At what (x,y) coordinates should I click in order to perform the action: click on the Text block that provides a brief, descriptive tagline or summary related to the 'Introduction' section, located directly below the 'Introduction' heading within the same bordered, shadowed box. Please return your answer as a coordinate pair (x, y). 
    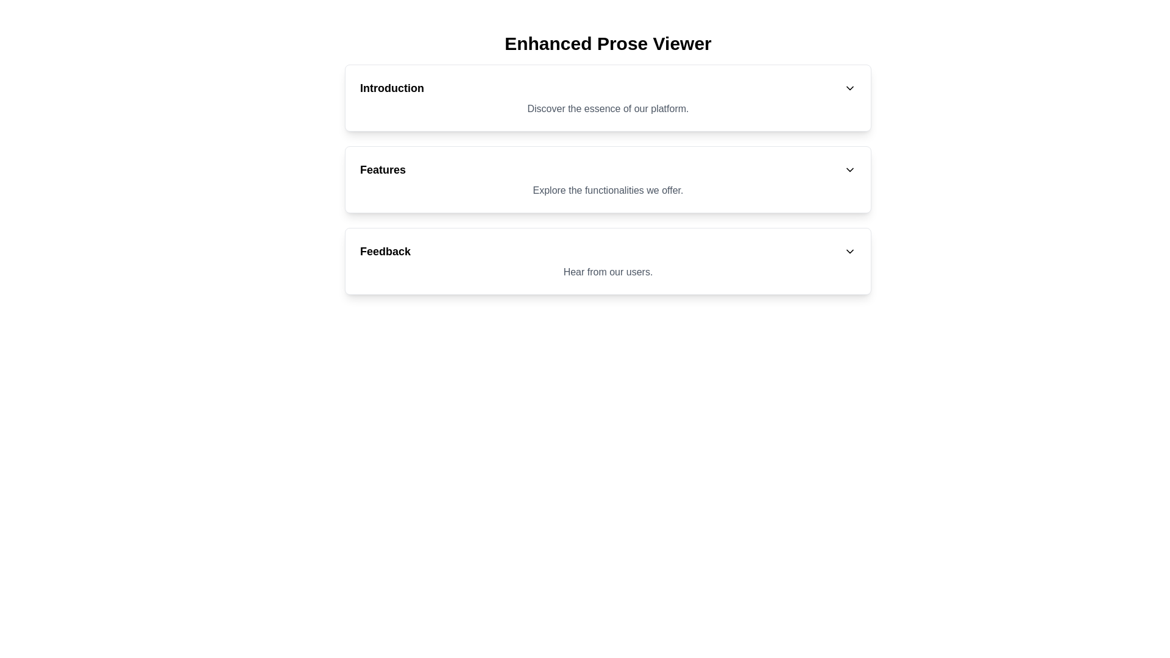
    Looking at the image, I should click on (608, 108).